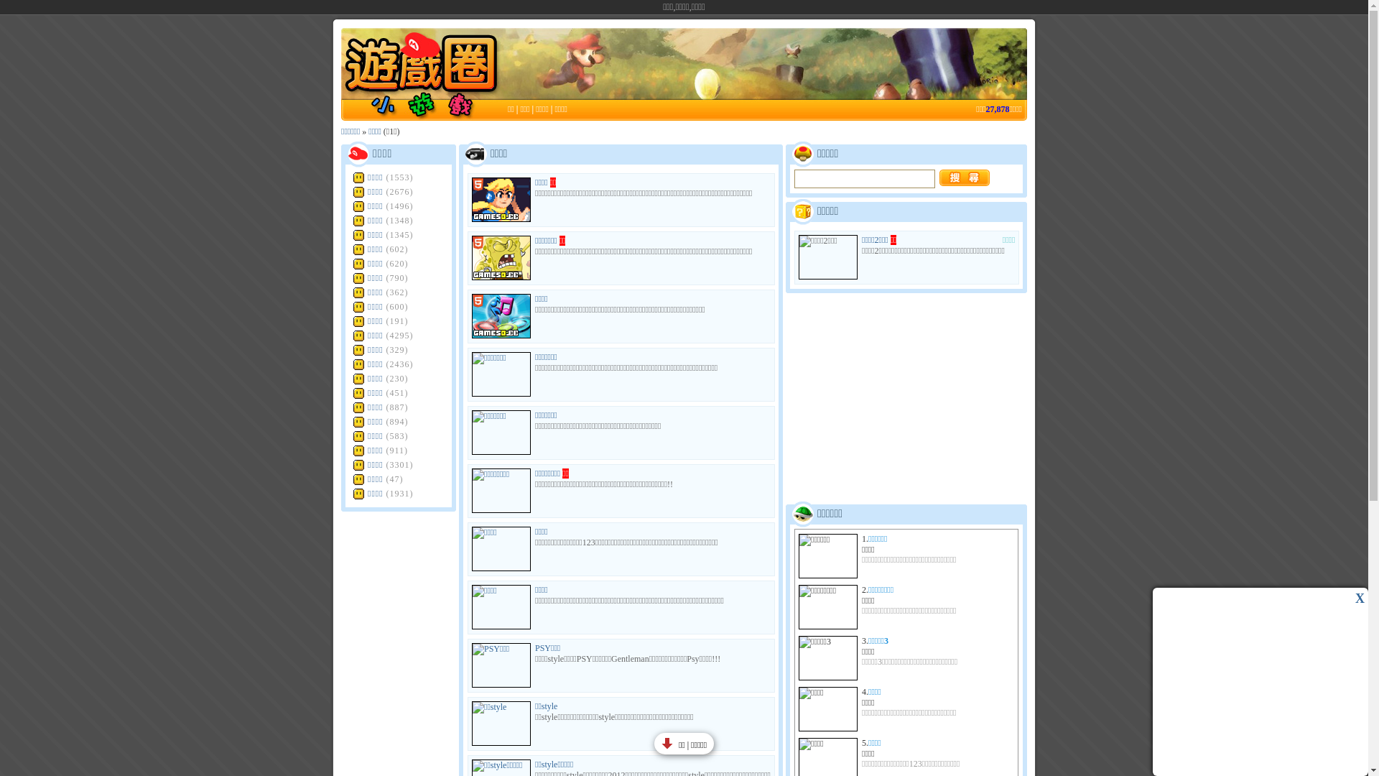 Image resolution: width=1379 pixels, height=776 pixels. Describe the element at coordinates (763, 63) in the screenshot. I see `'Advertisement'` at that location.